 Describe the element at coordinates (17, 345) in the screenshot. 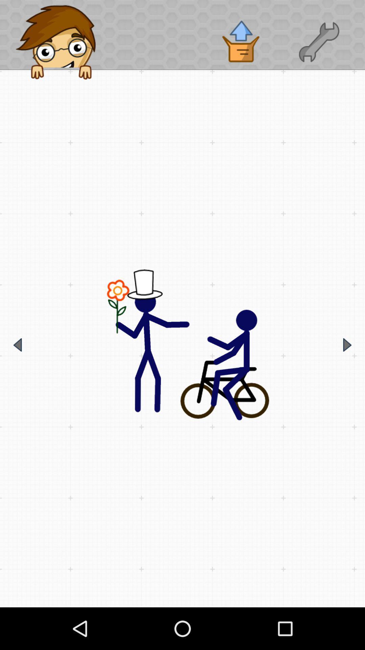

I see `the arrow_backward icon` at that location.